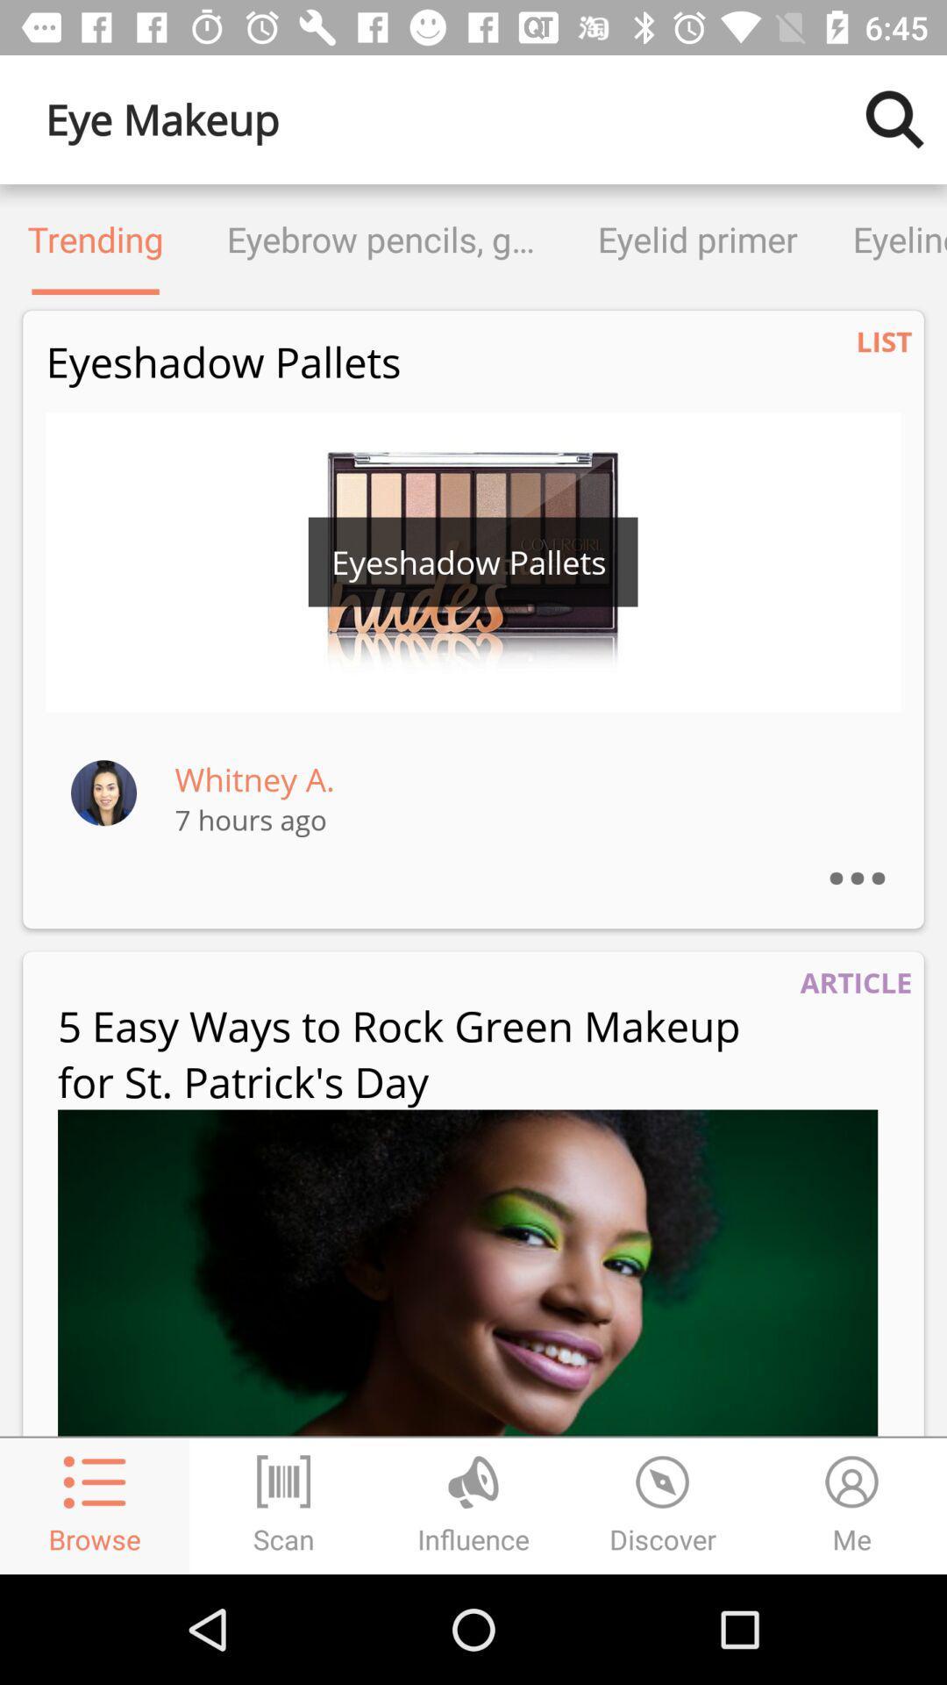 This screenshot has height=1685, width=947. Describe the element at coordinates (380, 239) in the screenshot. I see `the eyebrow pencils gels item` at that location.